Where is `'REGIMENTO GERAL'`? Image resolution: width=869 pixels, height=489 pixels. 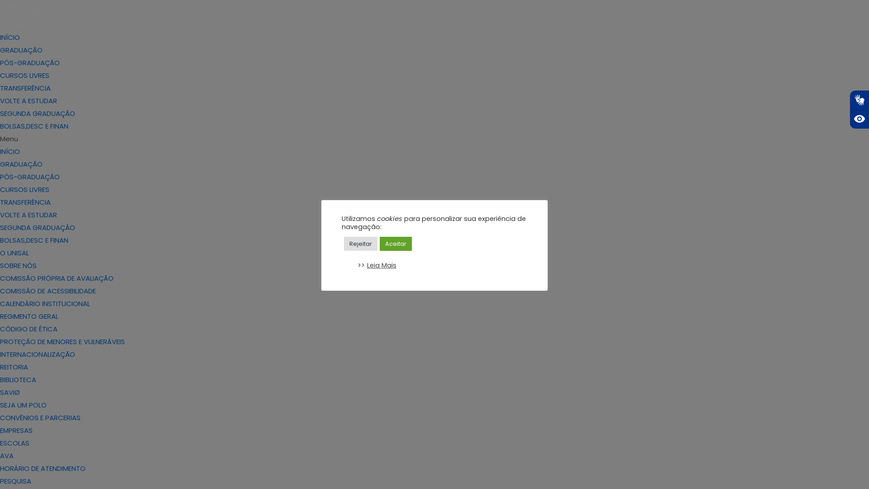 'REGIMENTO GERAL' is located at coordinates (29, 316).